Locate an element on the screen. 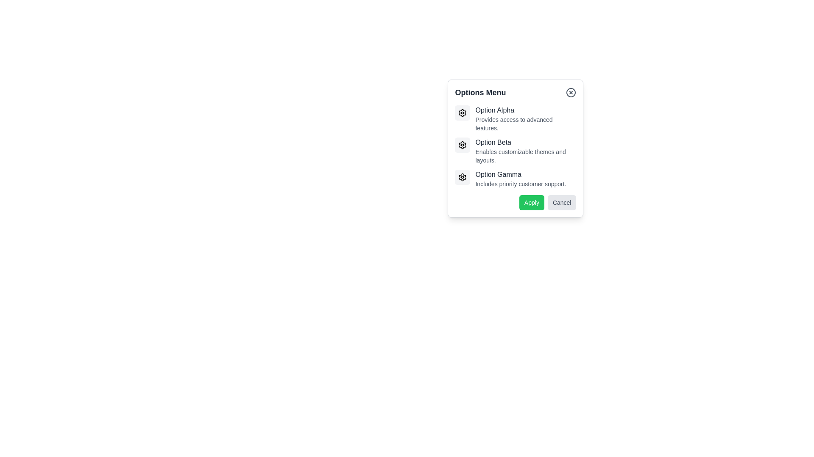  the gear-shaped icon associated with settings located below the header 'Option Alpha' in the menu dialog is located at coordinates (462, 112).